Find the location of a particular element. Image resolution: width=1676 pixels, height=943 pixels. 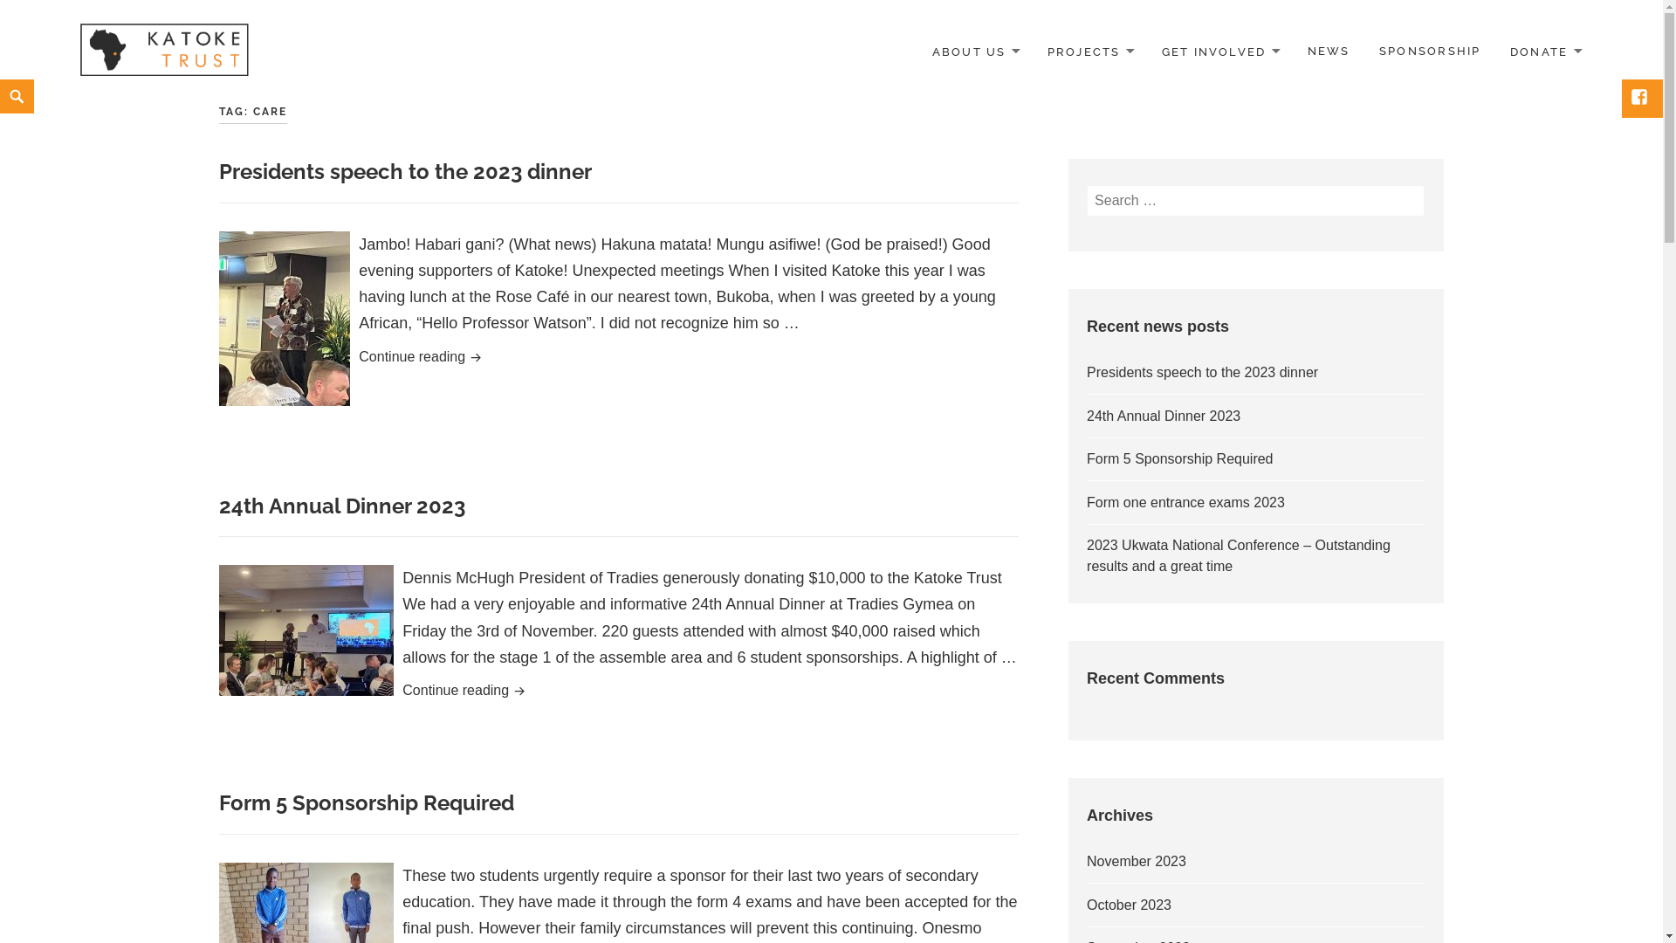

'SPONSORSHIP' is located at coordinates (1429, 50).